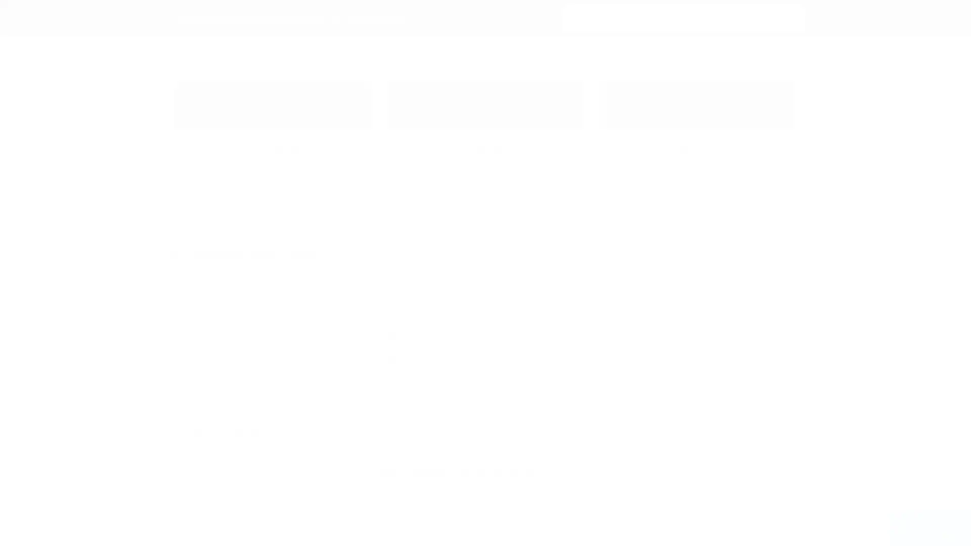 This screenshot has width=971, height=546. I want to click on Why doesn't a meeting open in Chrome or another browser?, so click(486, 380).